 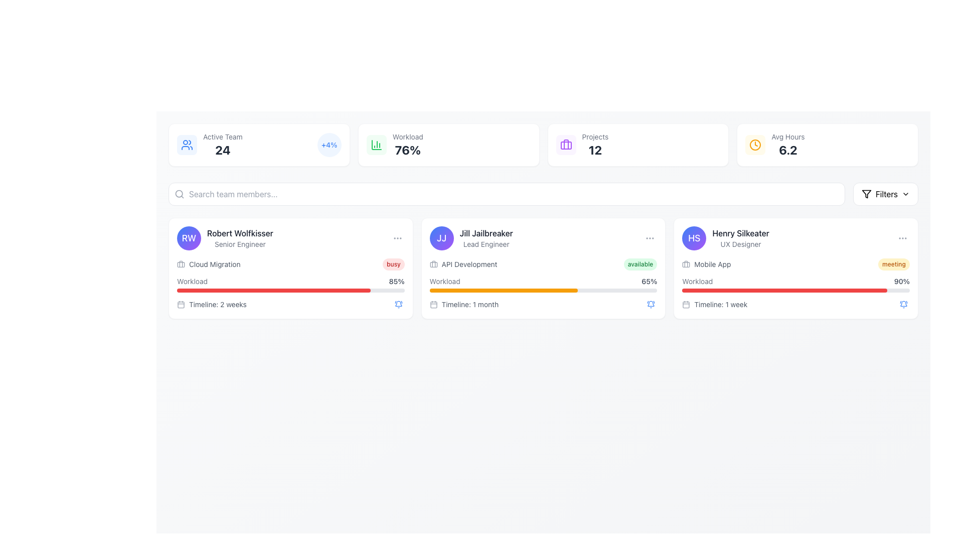 What do you see at coordinates (181, 264) in the screenshot?
I see `the 'Cloud Migration' icon located in Robert Wolfkisser's card under the 'Active Team' section, positioned to the left of the text 'Cloud Migration'` at bounding box center [181, 264].